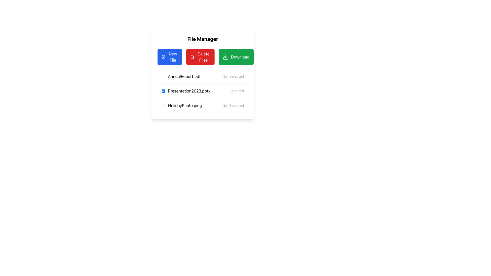 This screenshot has width=491, height=276. Describe the element at coordinates (233, 105) in the screenshot. I see `the 'Not Selected' label, which displays in a small, gray font and is located to the right of the 'HolidayPhoto.jpeg' entry in the file manager list` at that location.